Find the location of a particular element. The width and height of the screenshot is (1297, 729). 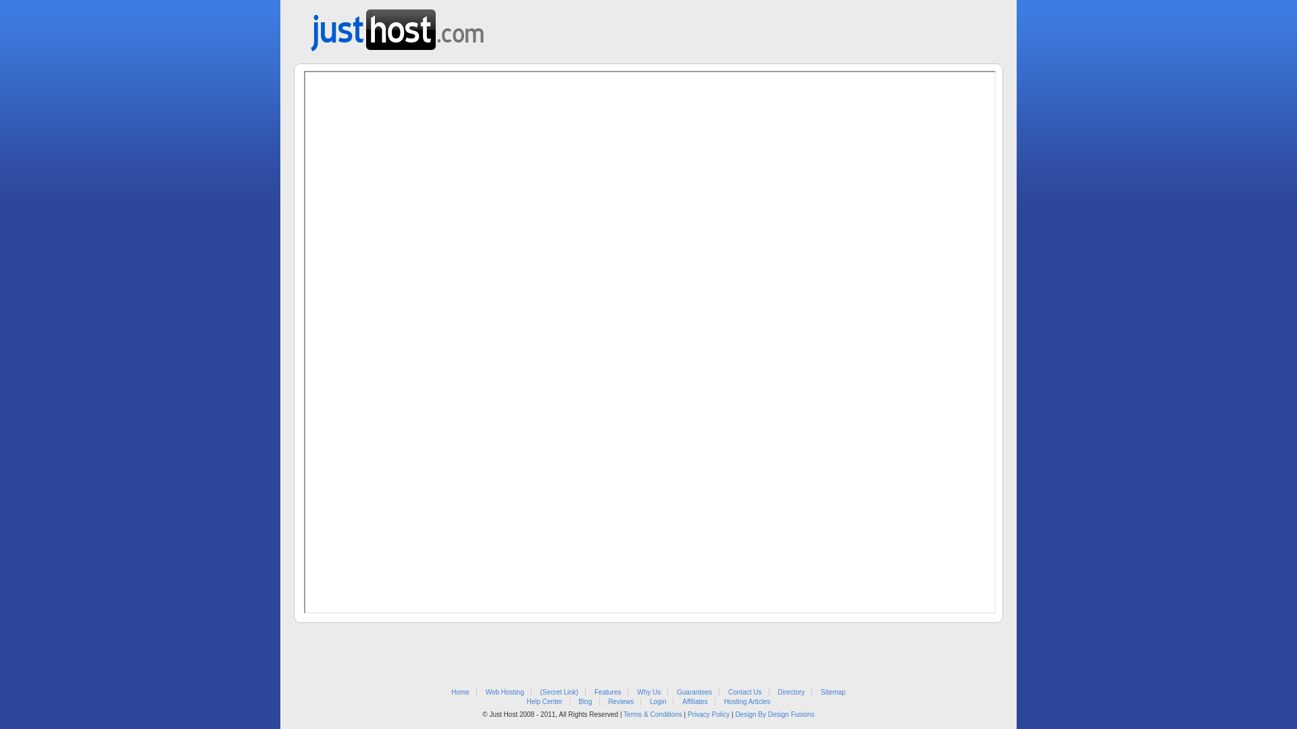

'Help Center' is located at coordinates (544, 701).